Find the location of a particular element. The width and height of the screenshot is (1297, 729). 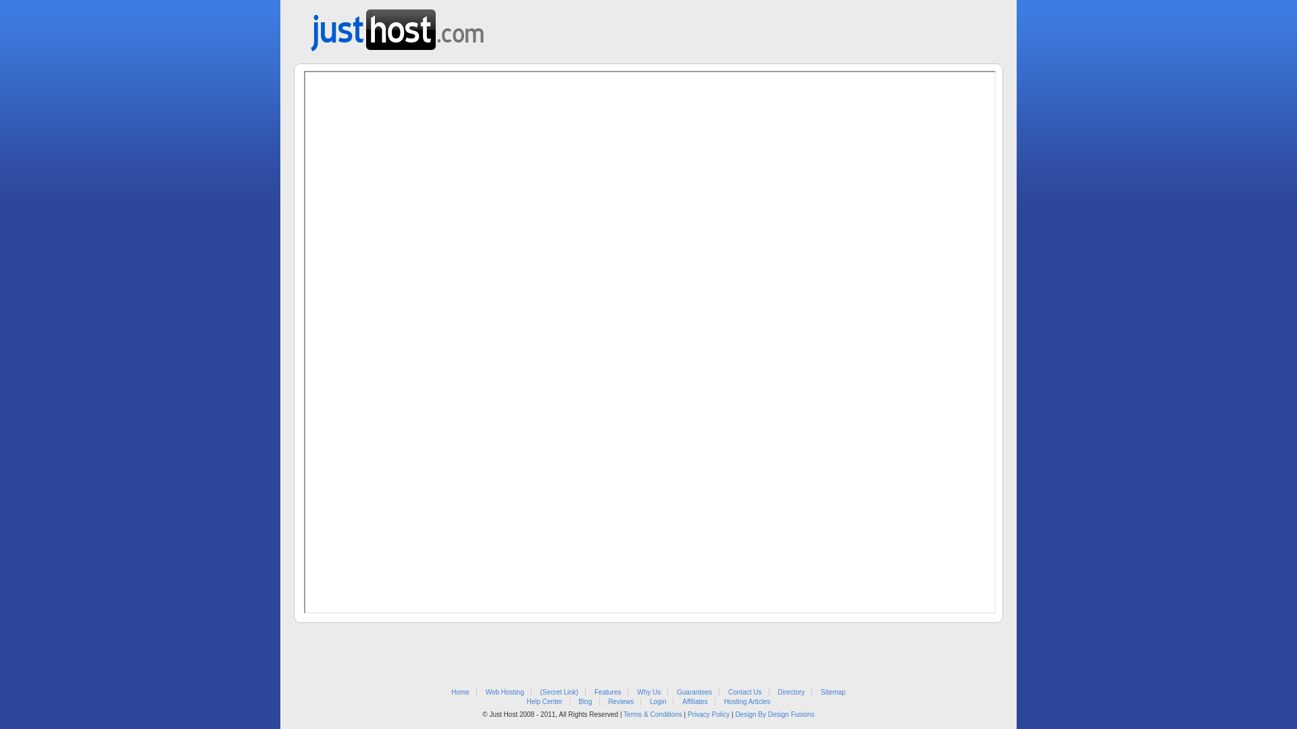

'Help Center' is located at coordinates (544, 701).